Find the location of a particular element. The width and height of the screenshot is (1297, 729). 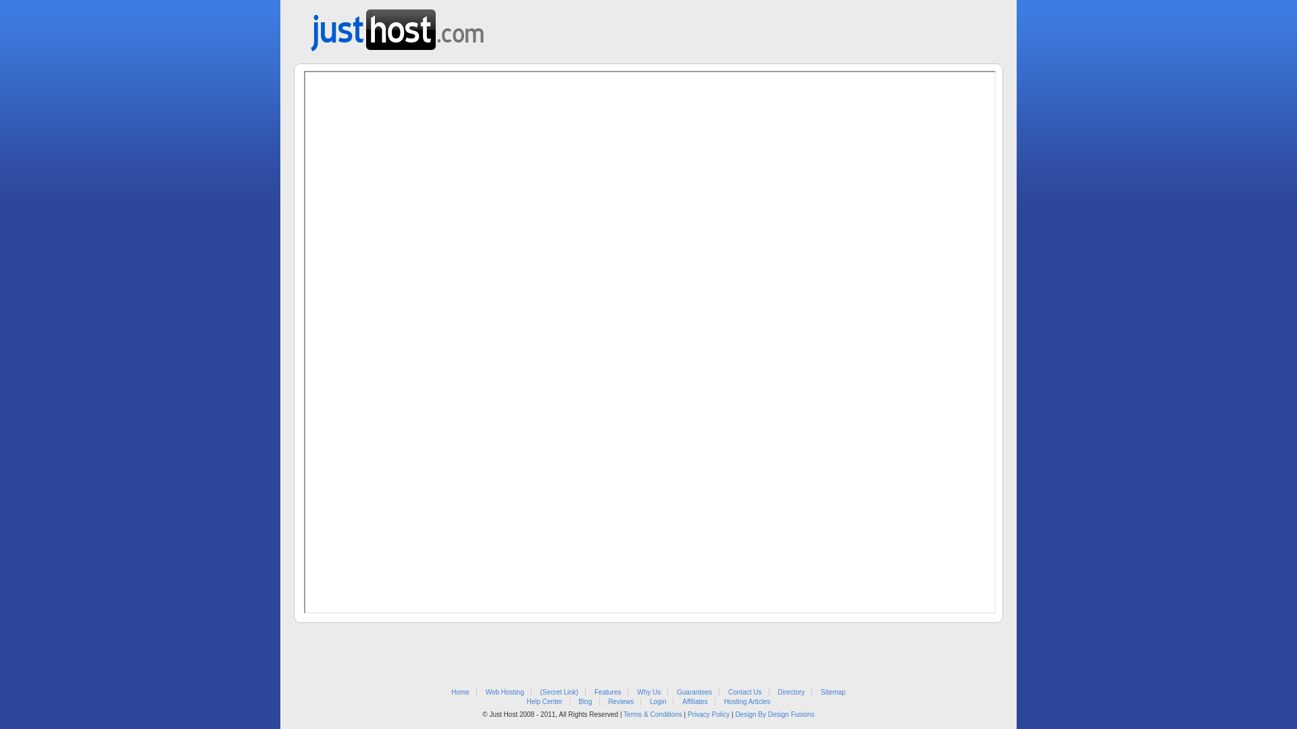

'Help Center' is located at coordinates (544, 701).